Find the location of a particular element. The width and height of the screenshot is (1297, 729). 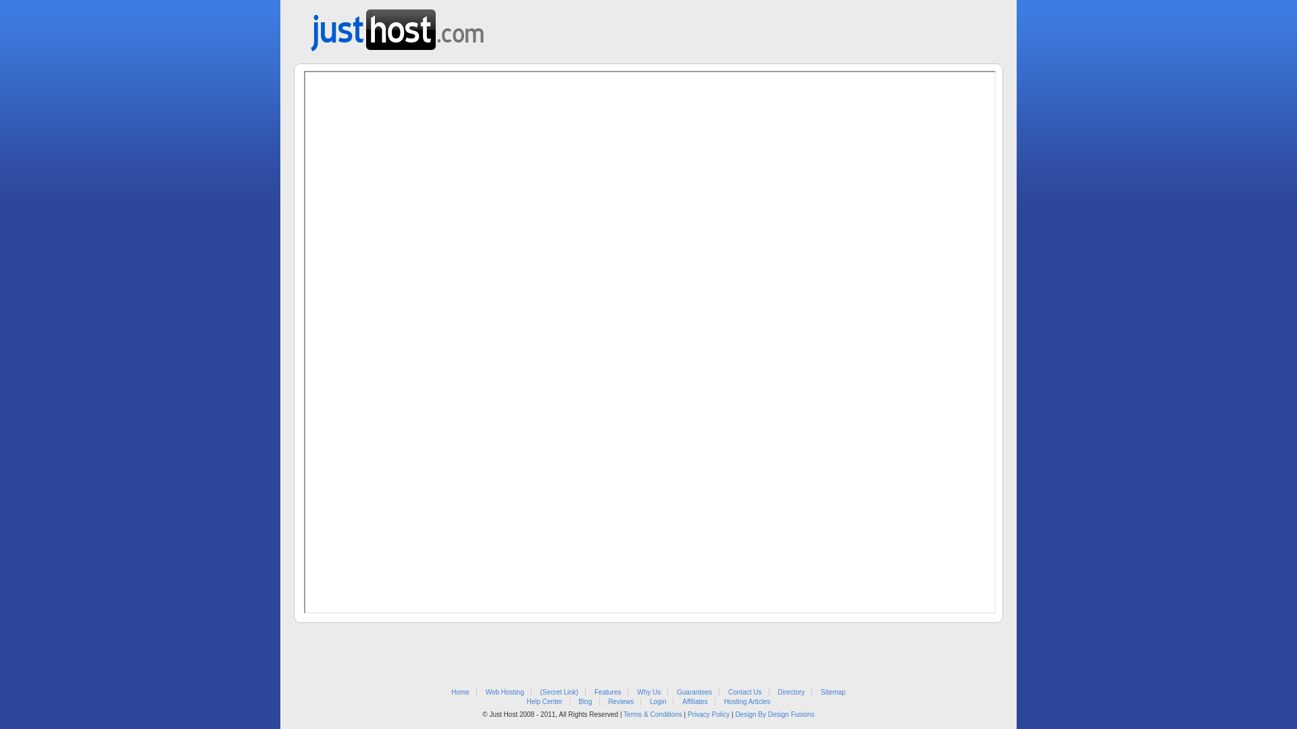

'Help Center' is located at coordinates (544, 701).